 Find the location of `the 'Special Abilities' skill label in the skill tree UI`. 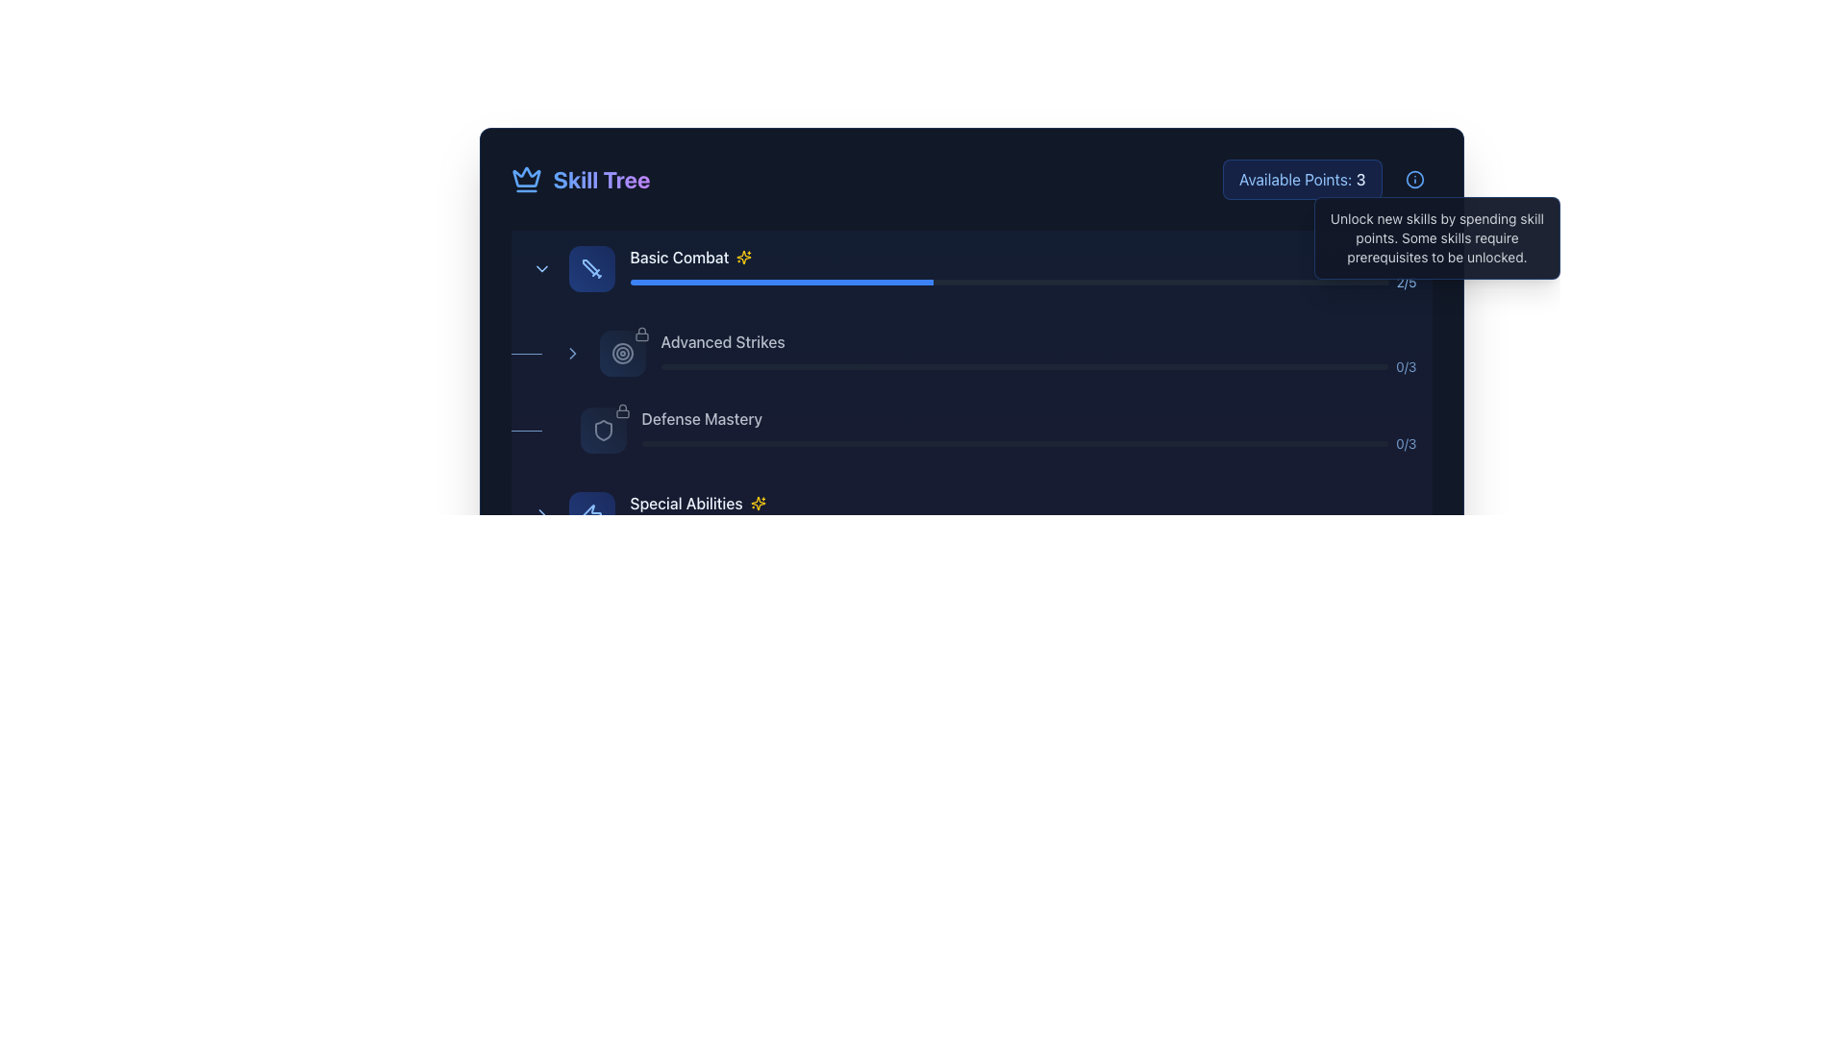

the 'Special Abilities' skill label in the skill tree UI is located at coordinates (1022, 514).